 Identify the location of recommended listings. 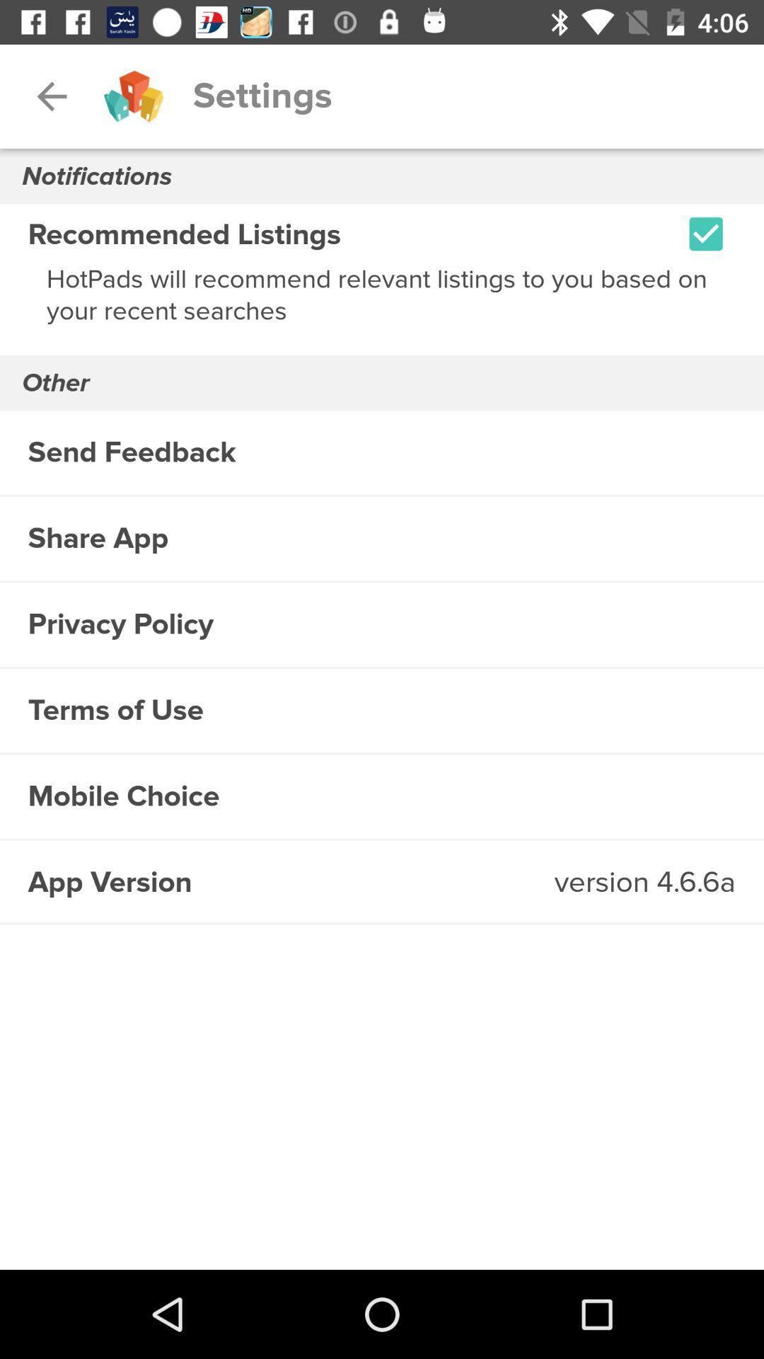
(706, 234).